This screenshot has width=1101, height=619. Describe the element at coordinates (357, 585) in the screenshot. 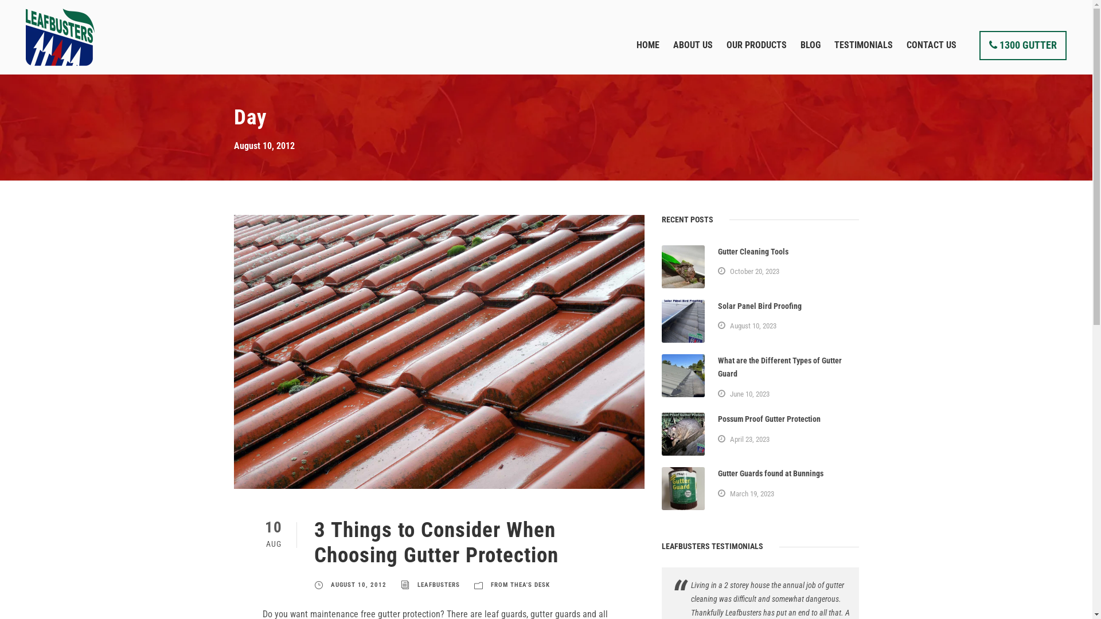

I see `'AUGUST 10, 2012'` at that location.